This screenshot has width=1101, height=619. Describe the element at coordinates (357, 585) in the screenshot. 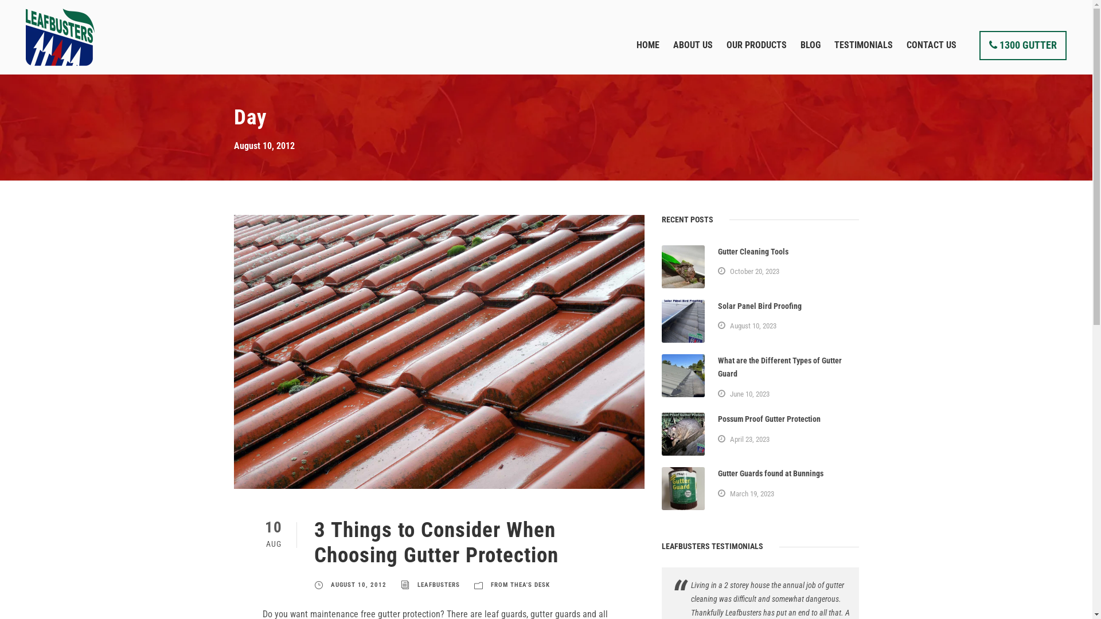

I see `'AUGUST 10, 2012'` at that location.